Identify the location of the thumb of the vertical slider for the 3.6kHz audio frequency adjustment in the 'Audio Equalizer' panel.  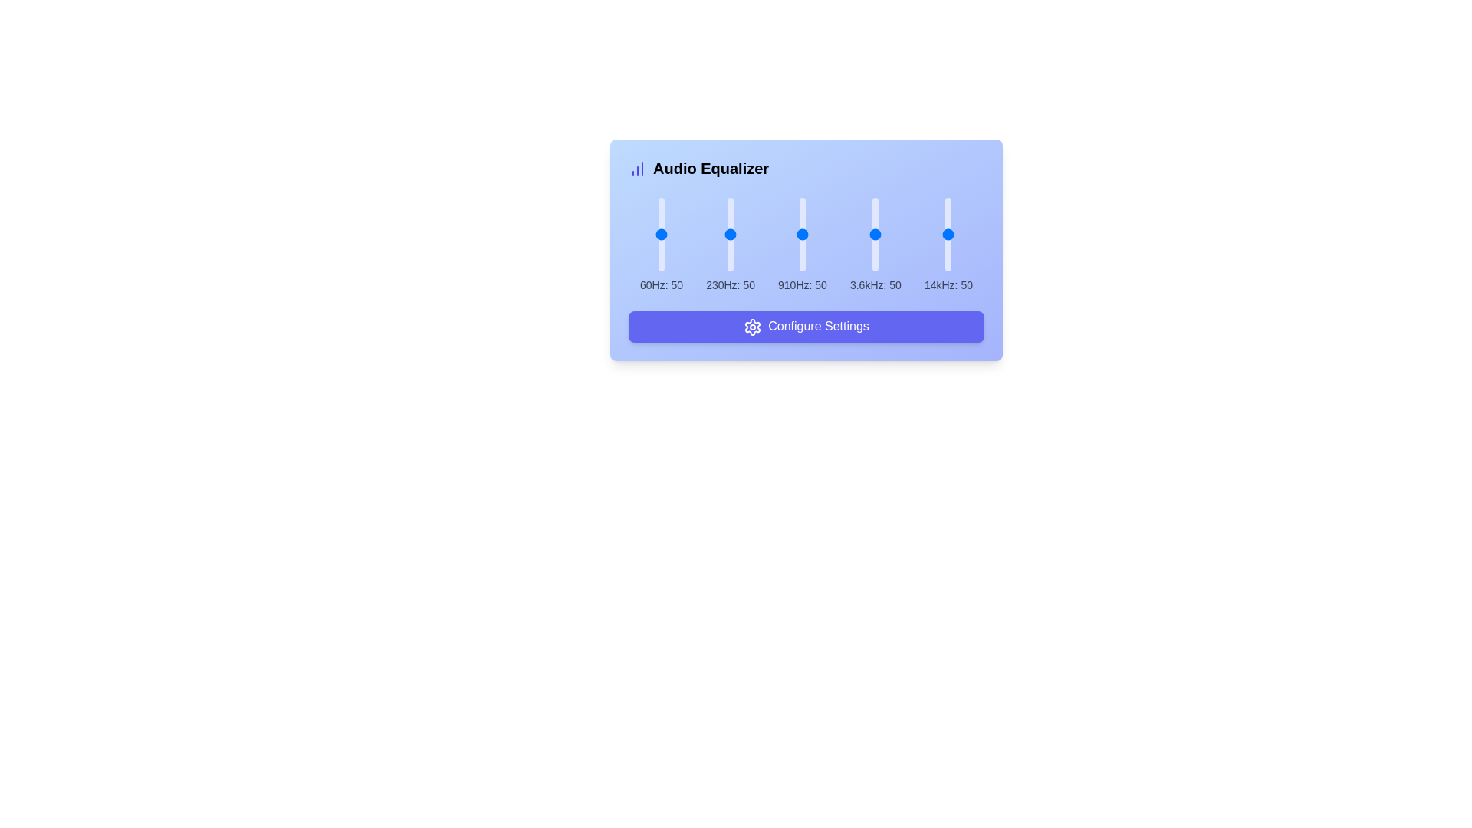
(876, 207).